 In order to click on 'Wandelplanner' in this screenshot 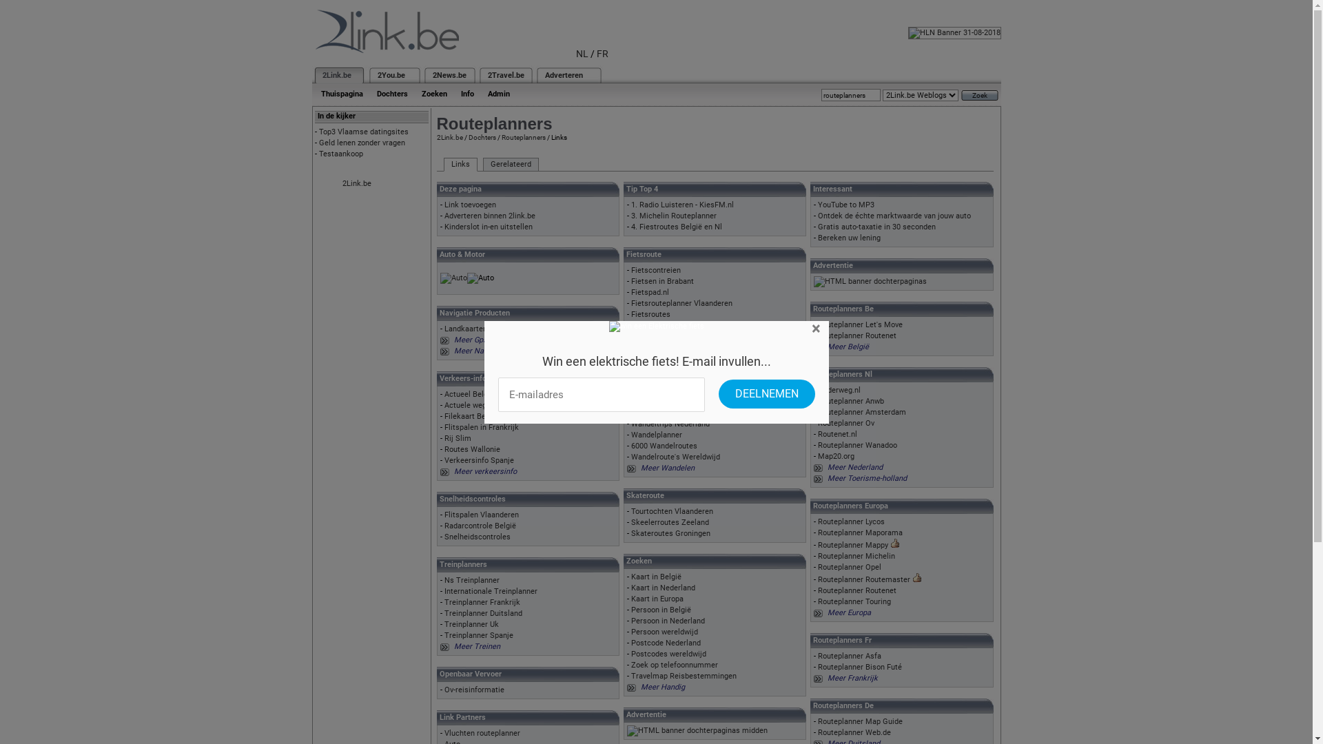, I will do `click(656, 435)`.